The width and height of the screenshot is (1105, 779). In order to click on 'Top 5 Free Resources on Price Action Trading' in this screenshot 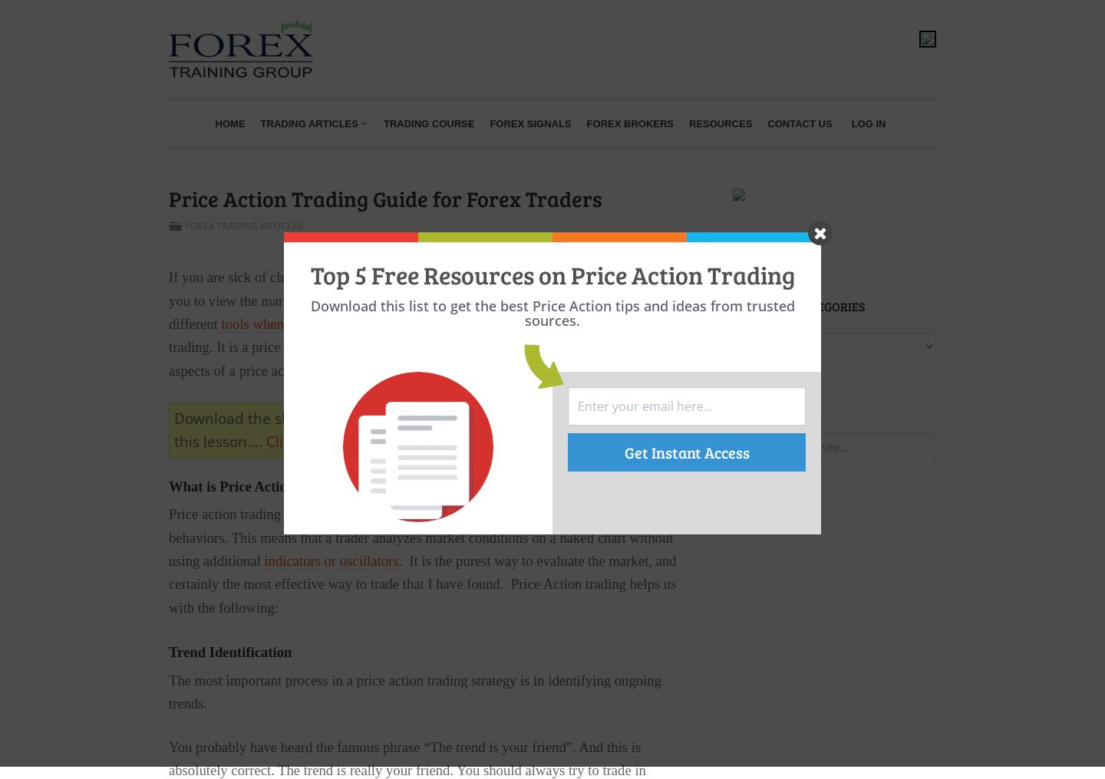, I will do `click(309, 274)`.